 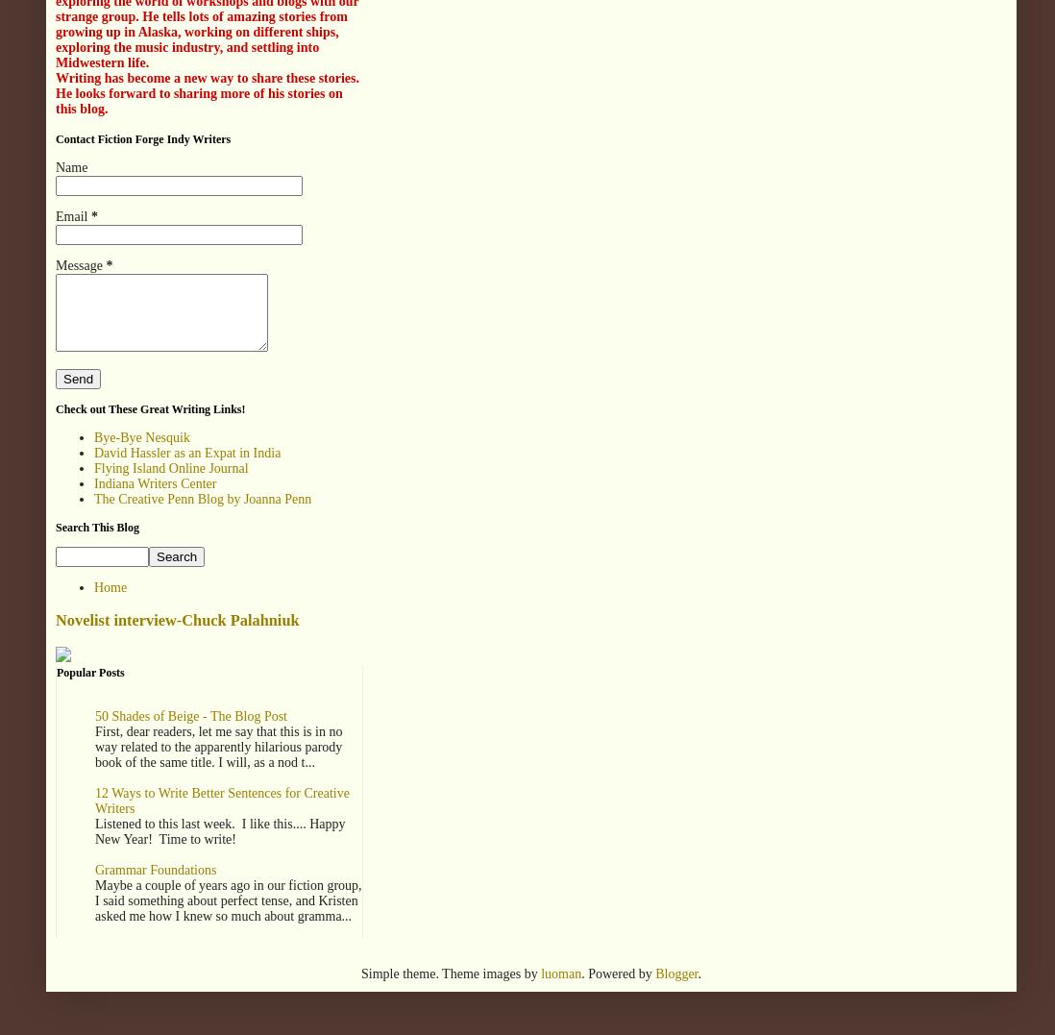 What do you see at coordinates (170, 467) in the screenshot?
I see `'Flying Island Online Journal'` at bounding box center [170, 467].